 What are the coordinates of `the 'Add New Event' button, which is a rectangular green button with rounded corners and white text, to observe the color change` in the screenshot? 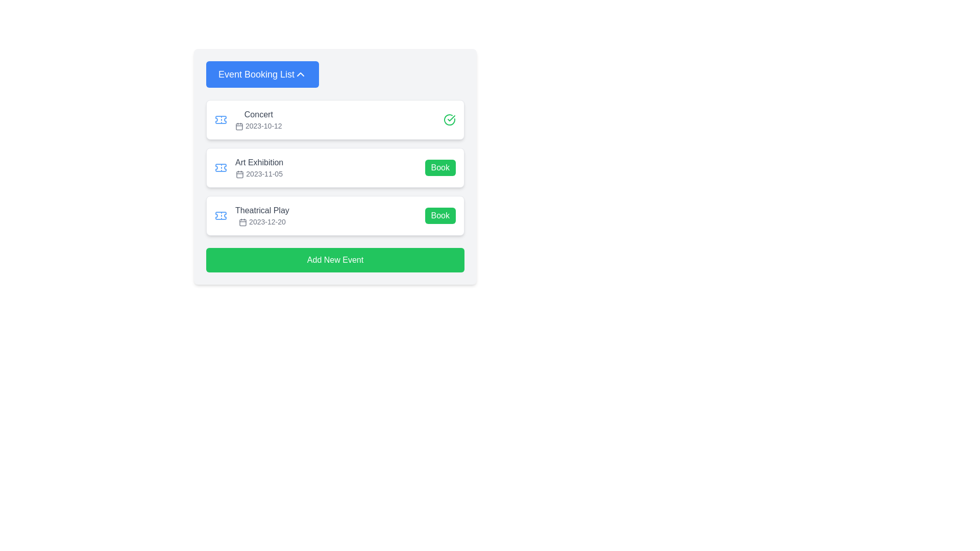 It's located at (335, 259).